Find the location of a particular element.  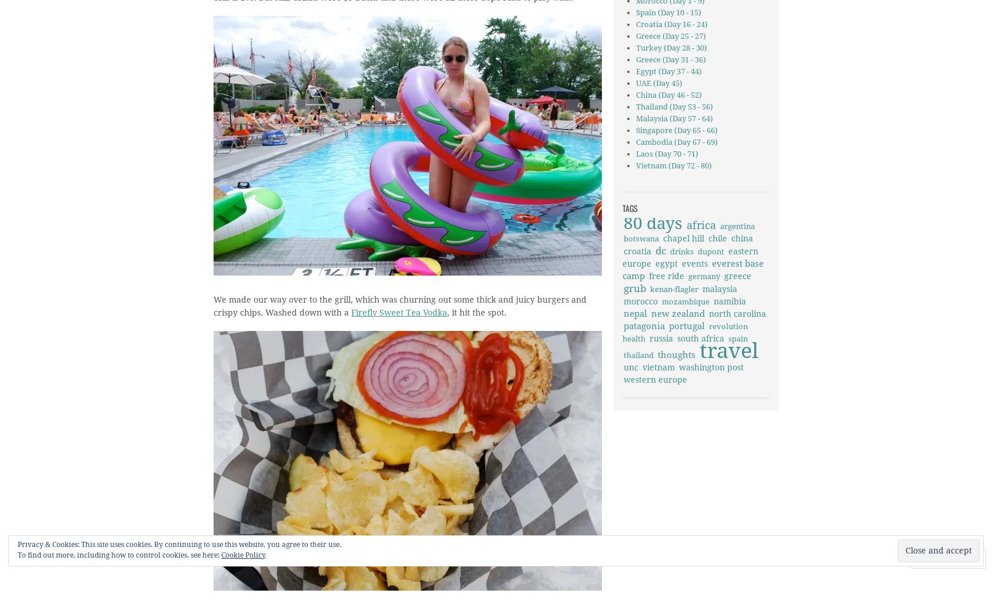

'thailand' is located at coordinates (638, 355).